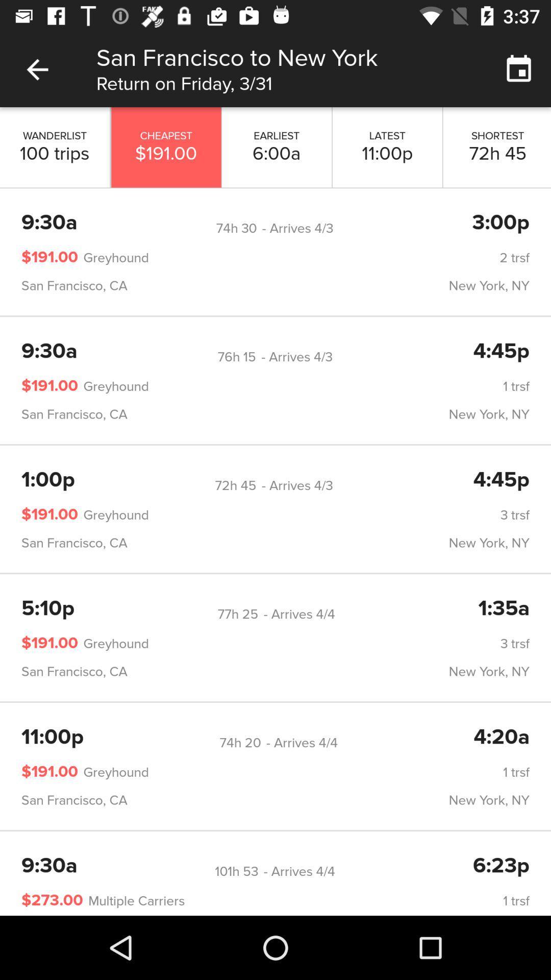 The width and height of the screenshot is (551, 980). I want to click on item above san francisco, ca icon, so click(339, 258).